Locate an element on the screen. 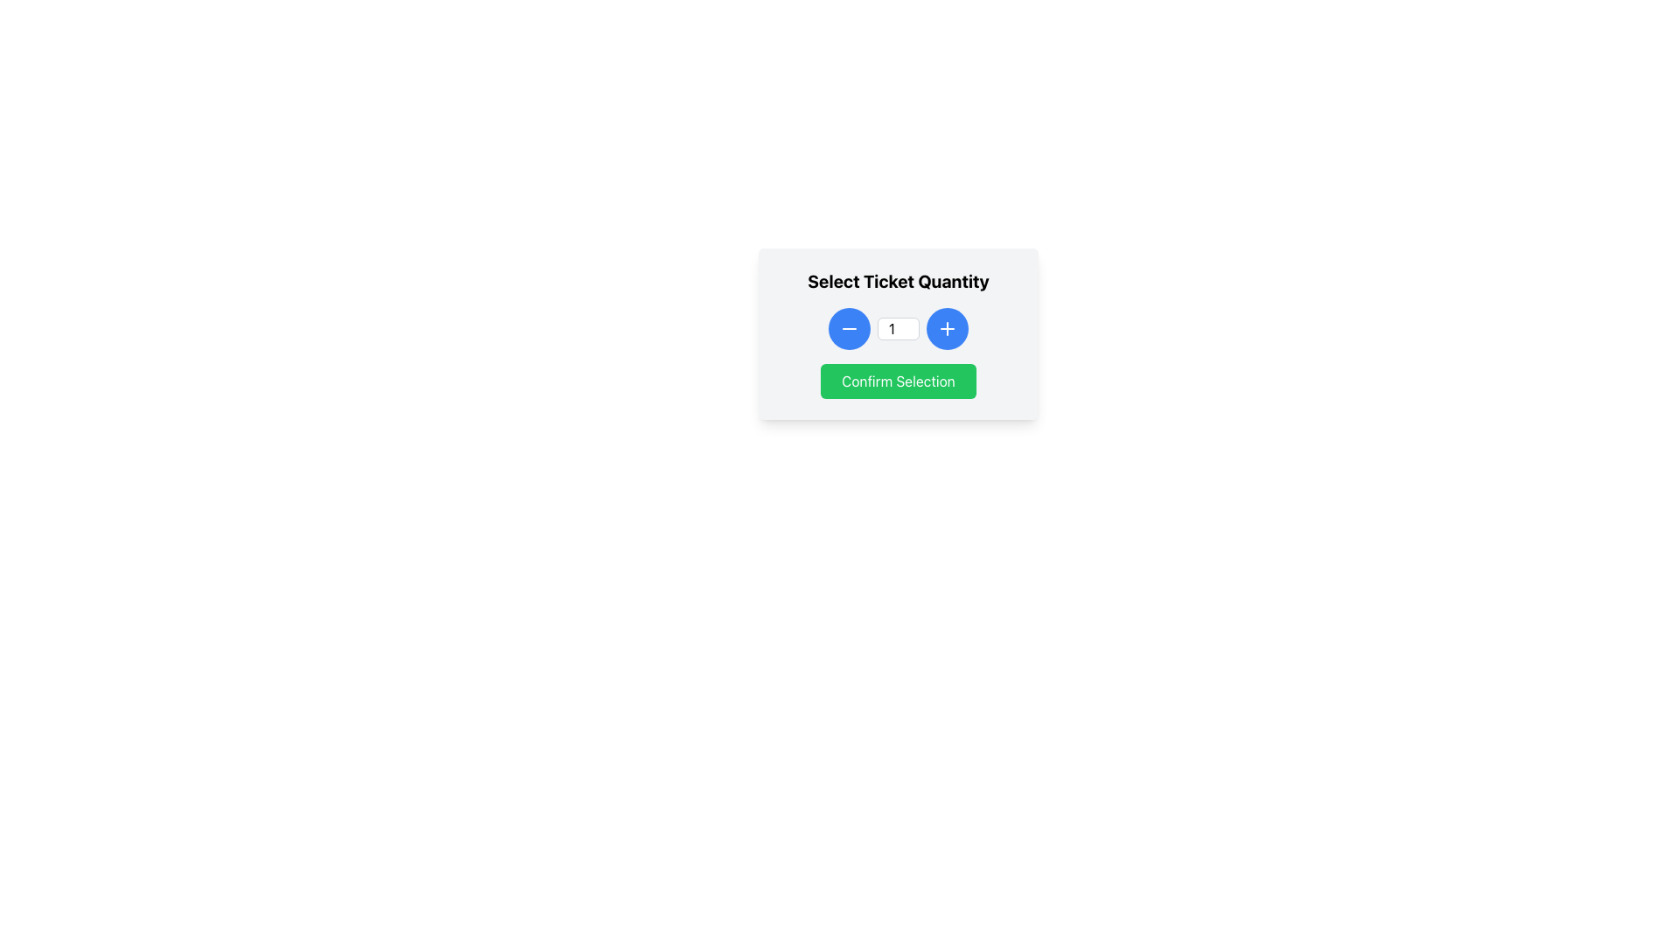 The height and width of the screenshot is (945, 1680). the blue circular decrement button located on the left side of the quantity input field under the 'Select Ticket Quantity' heading to reduce the ticket quantity is located at coordinates (849, 328).